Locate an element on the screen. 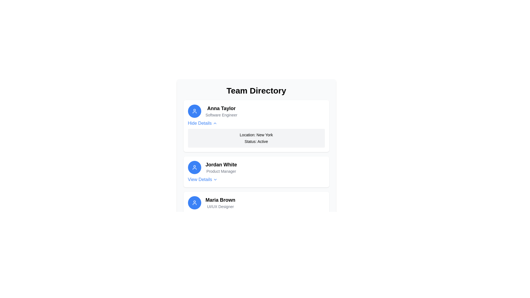 The width and height of the screenshot is (530, 298). the Avatar icon is located at coordinates (194, 111).